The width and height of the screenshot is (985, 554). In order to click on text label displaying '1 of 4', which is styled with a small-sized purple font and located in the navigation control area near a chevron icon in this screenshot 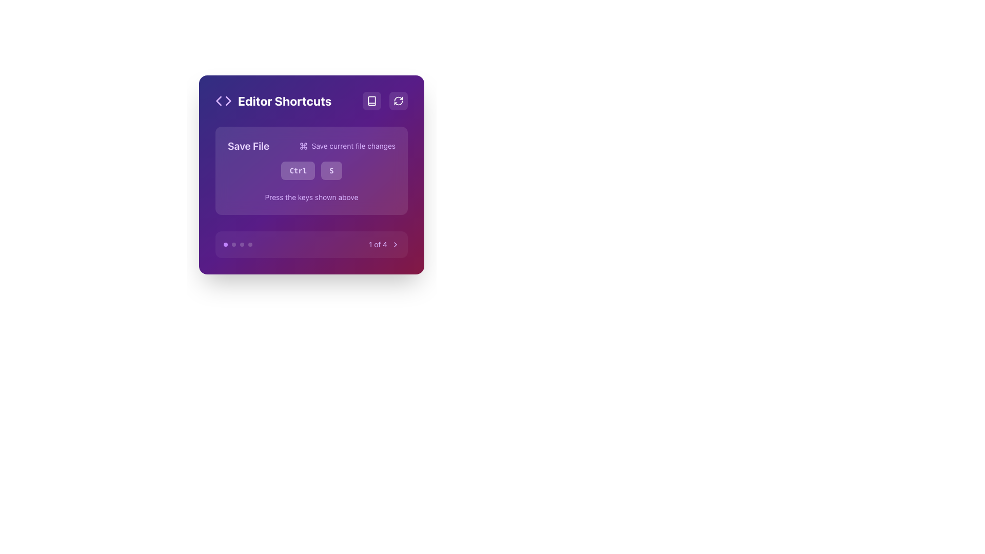, I will do `click(378, 245)`.